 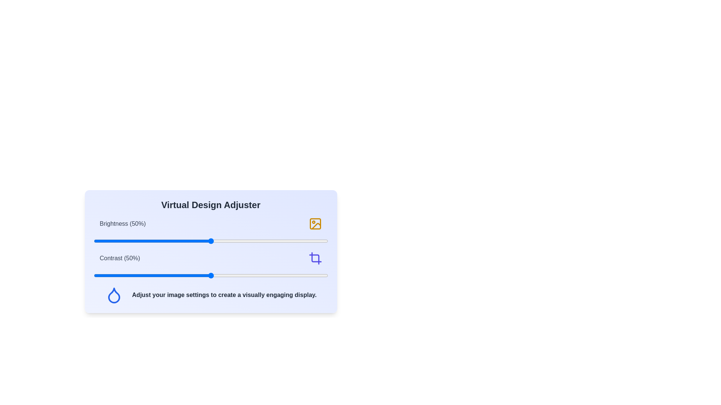 What do you see at coordinates (231, 241) in the screenshot?
I see `the brightness slider to 59%` at bounding box center [231, 241].